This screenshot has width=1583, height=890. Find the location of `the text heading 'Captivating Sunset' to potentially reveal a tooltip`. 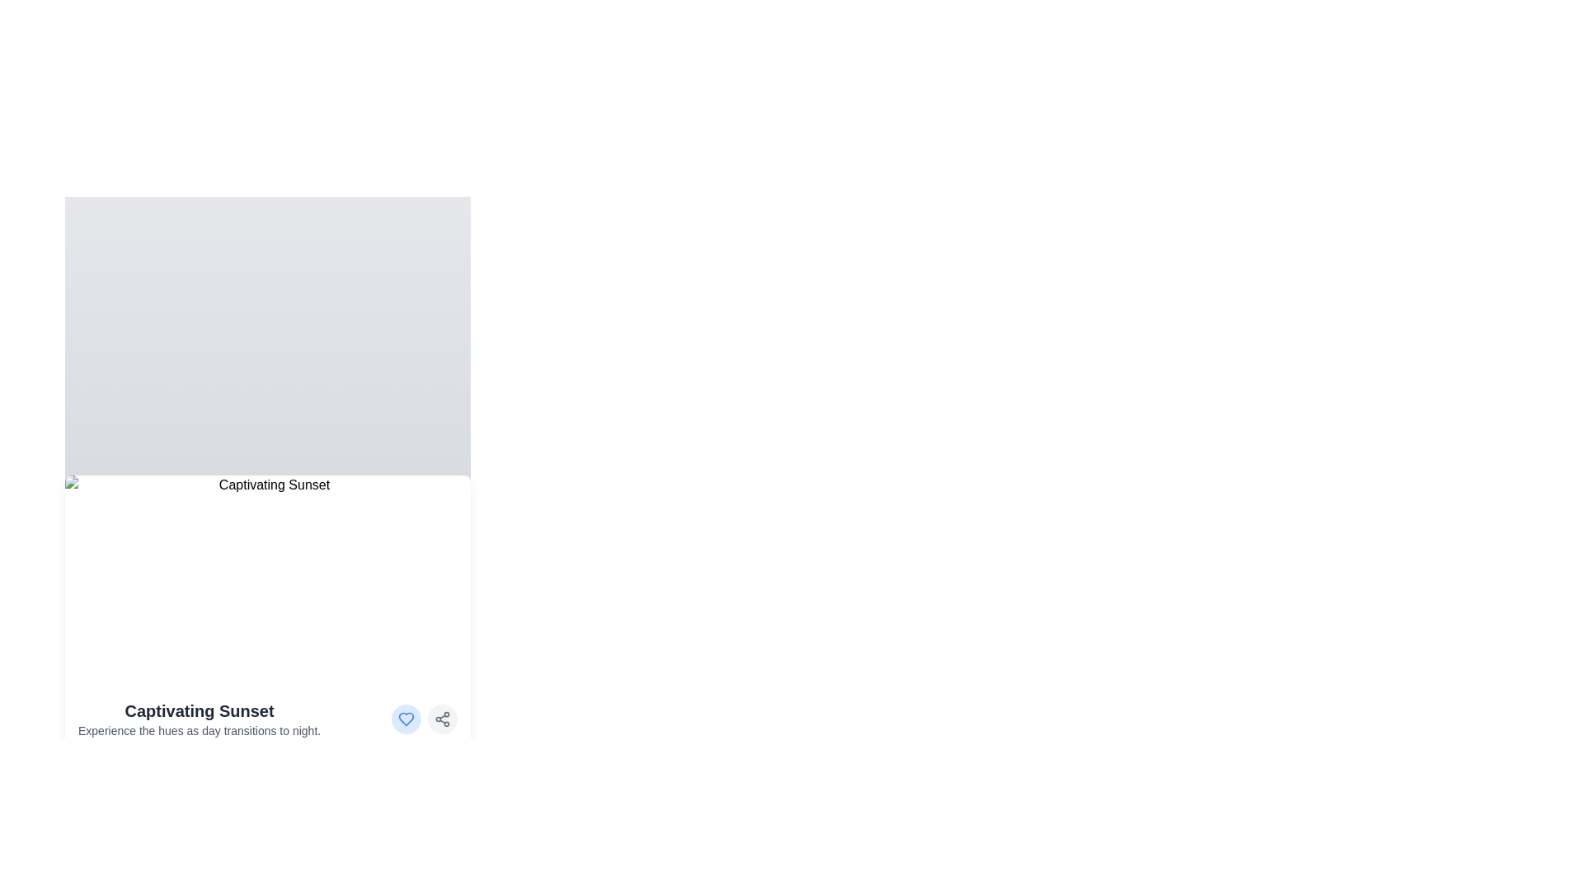

the text heading 'Captivating Sunset' to potentially reveal a tooltip is located at coordinates (199, 710).